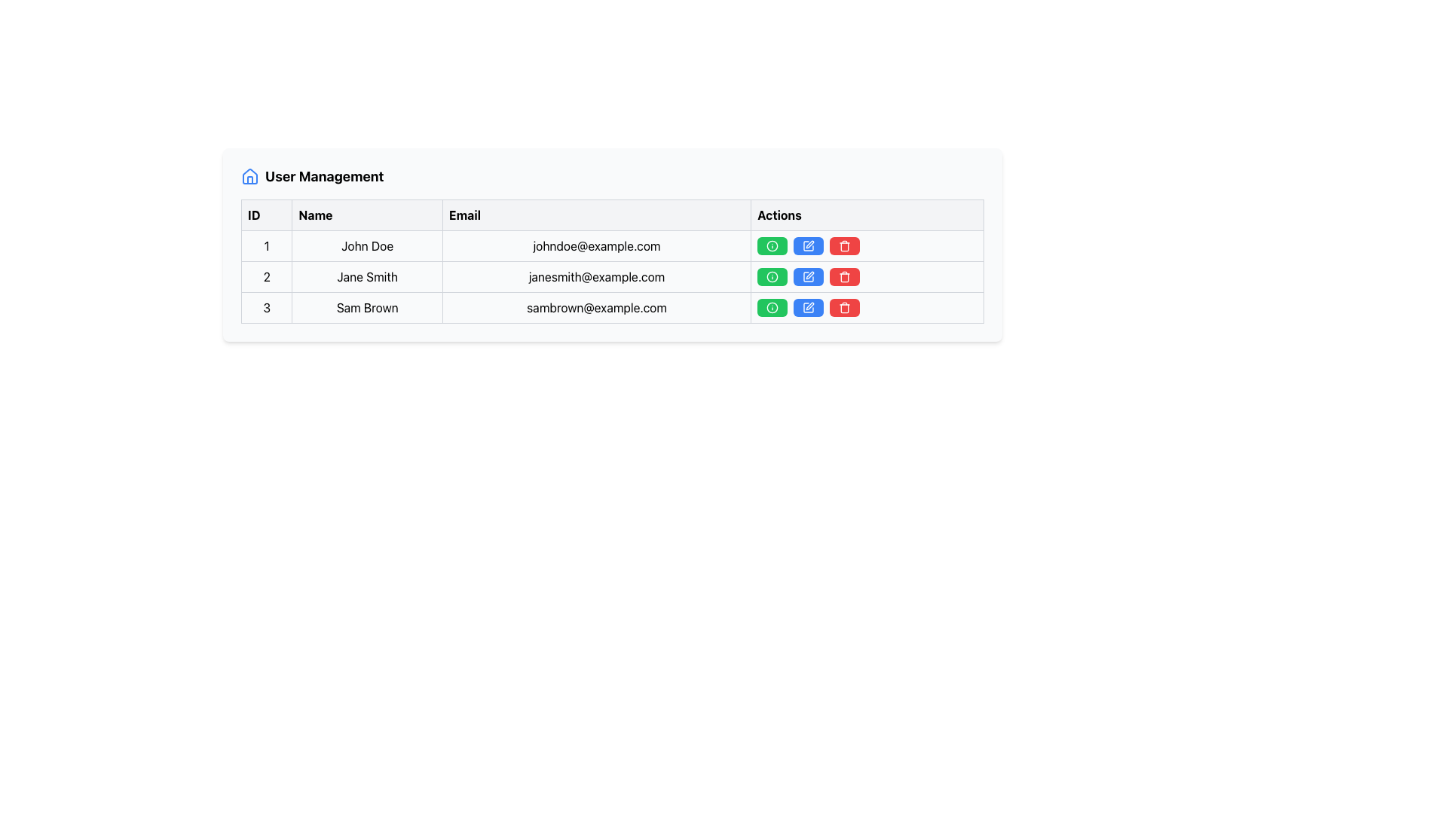 The height and width of the screenshot is (813, 1447). Describe the element at coordinates (845, 308) in the screenshot. I see `the trash can icon located in the 'Actions' column of the table, specifically in the third row for the user 'Sam Brown'. This icon represents a delete action` at that location.